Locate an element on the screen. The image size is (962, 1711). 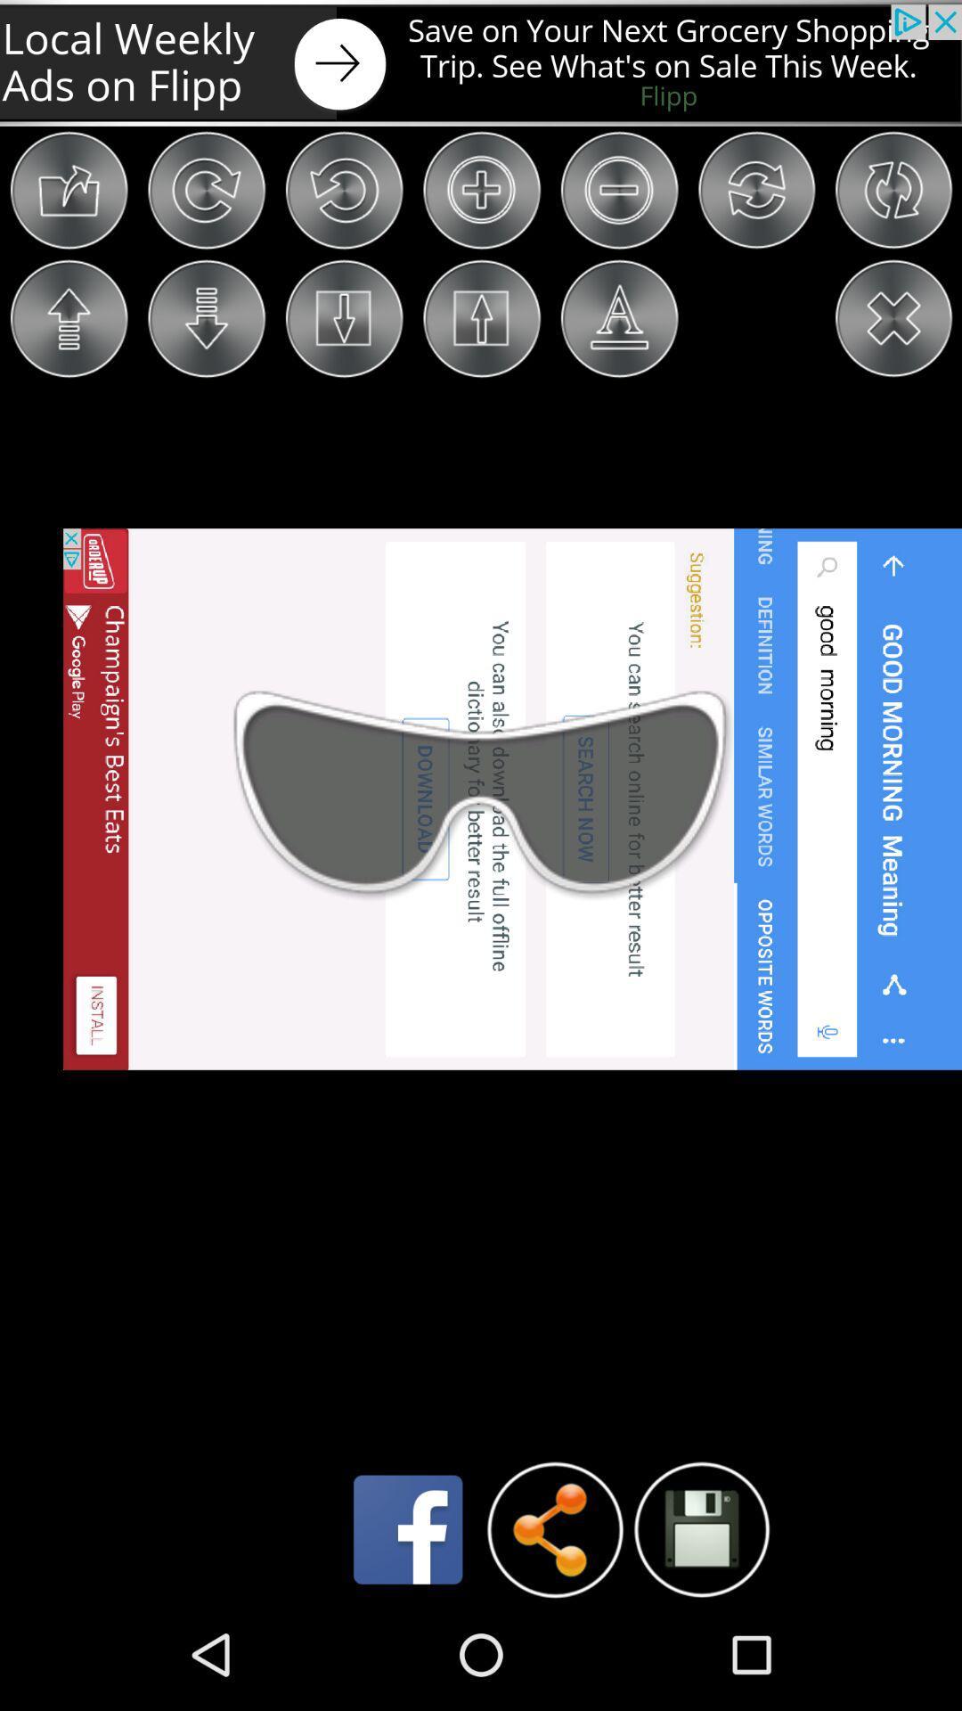
auto play the music is located at coordinates (700, 1528).